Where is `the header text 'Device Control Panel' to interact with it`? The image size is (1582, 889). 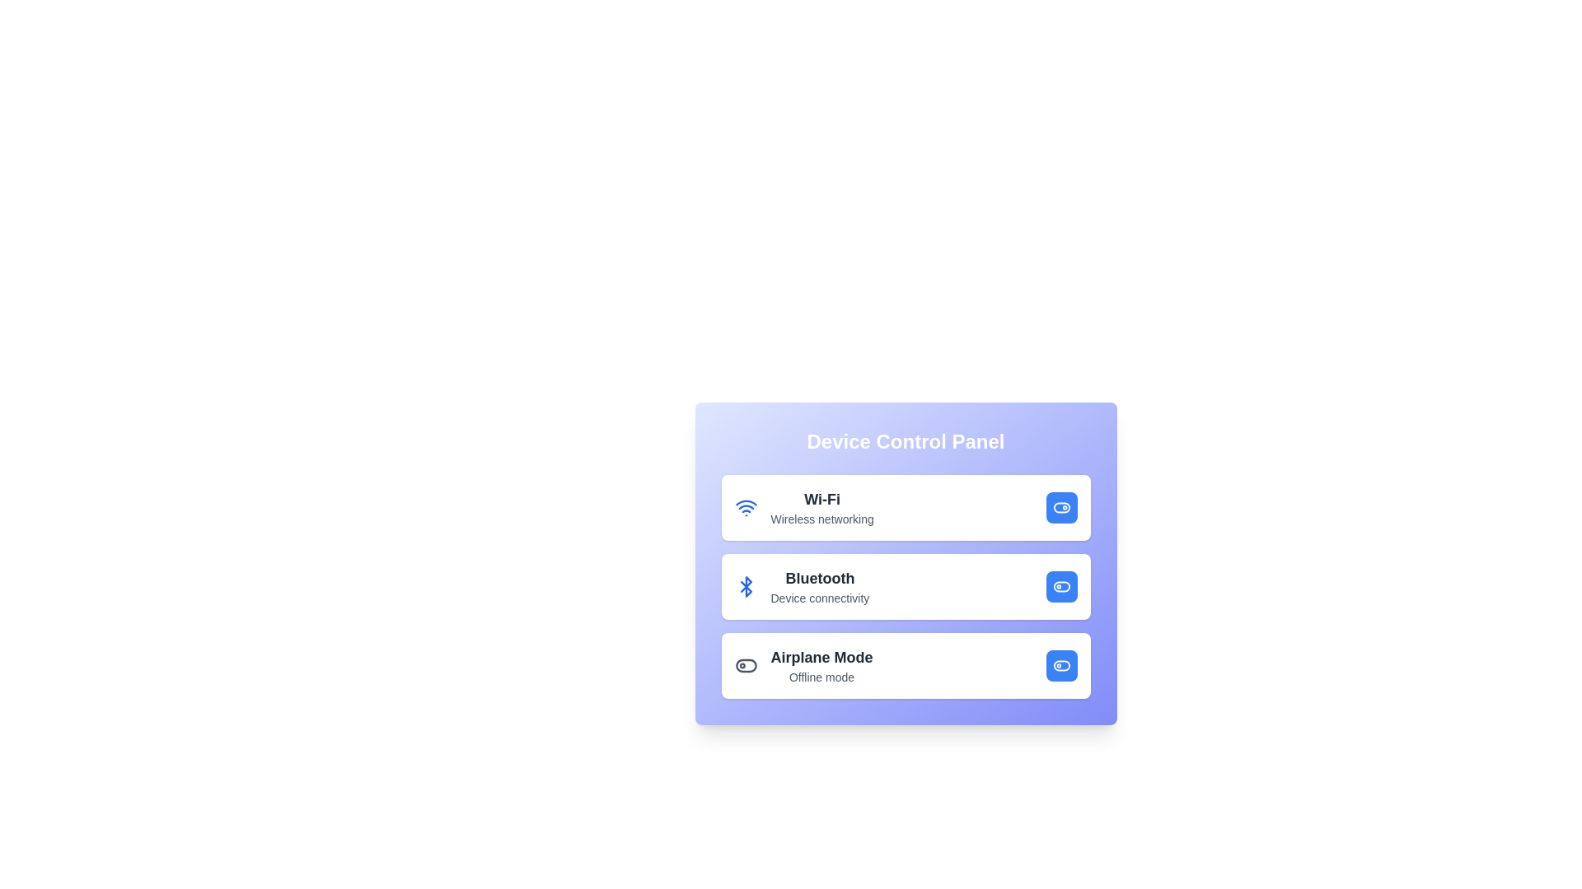 the header text 'Device Control Panel' to interact with it is located at coordinates (905, 440).